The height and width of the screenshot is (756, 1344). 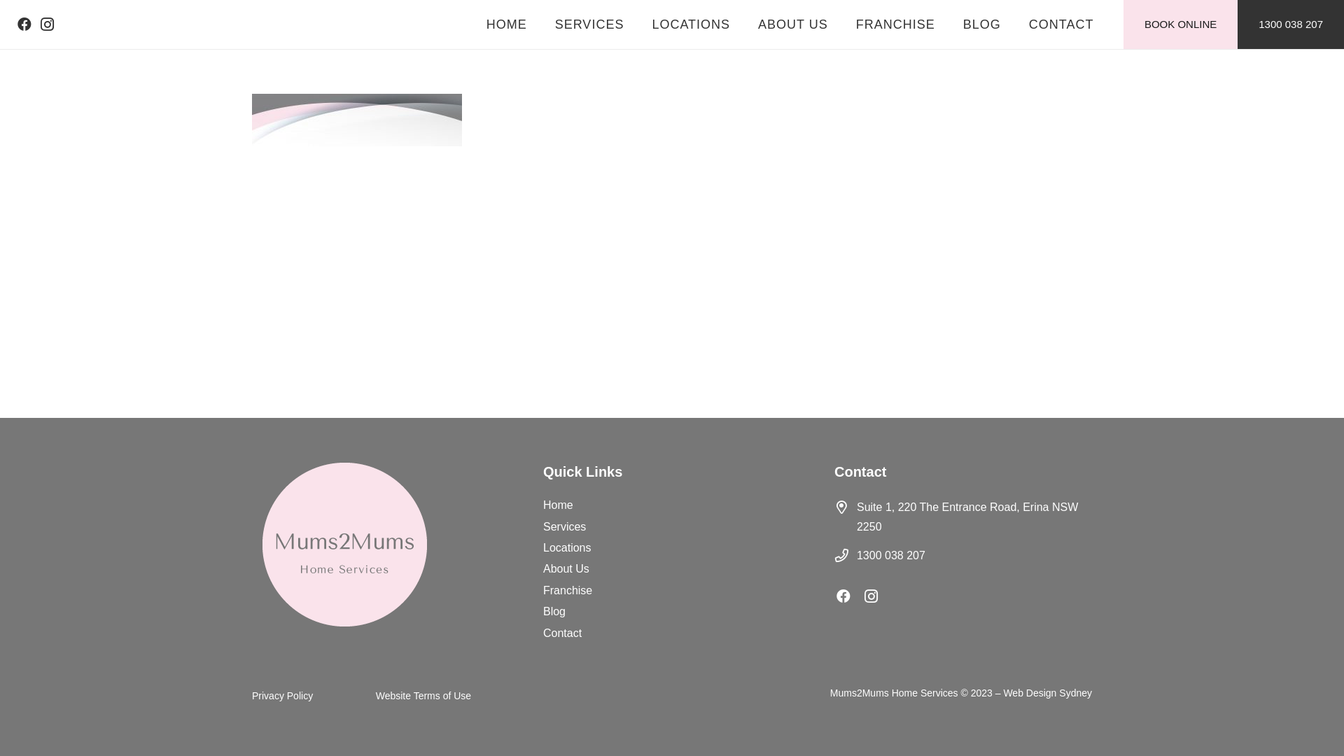 What do you see at coordinates (562, 633) in the screenshot?
I see `'Contact'` at bounding box center [562, 633].